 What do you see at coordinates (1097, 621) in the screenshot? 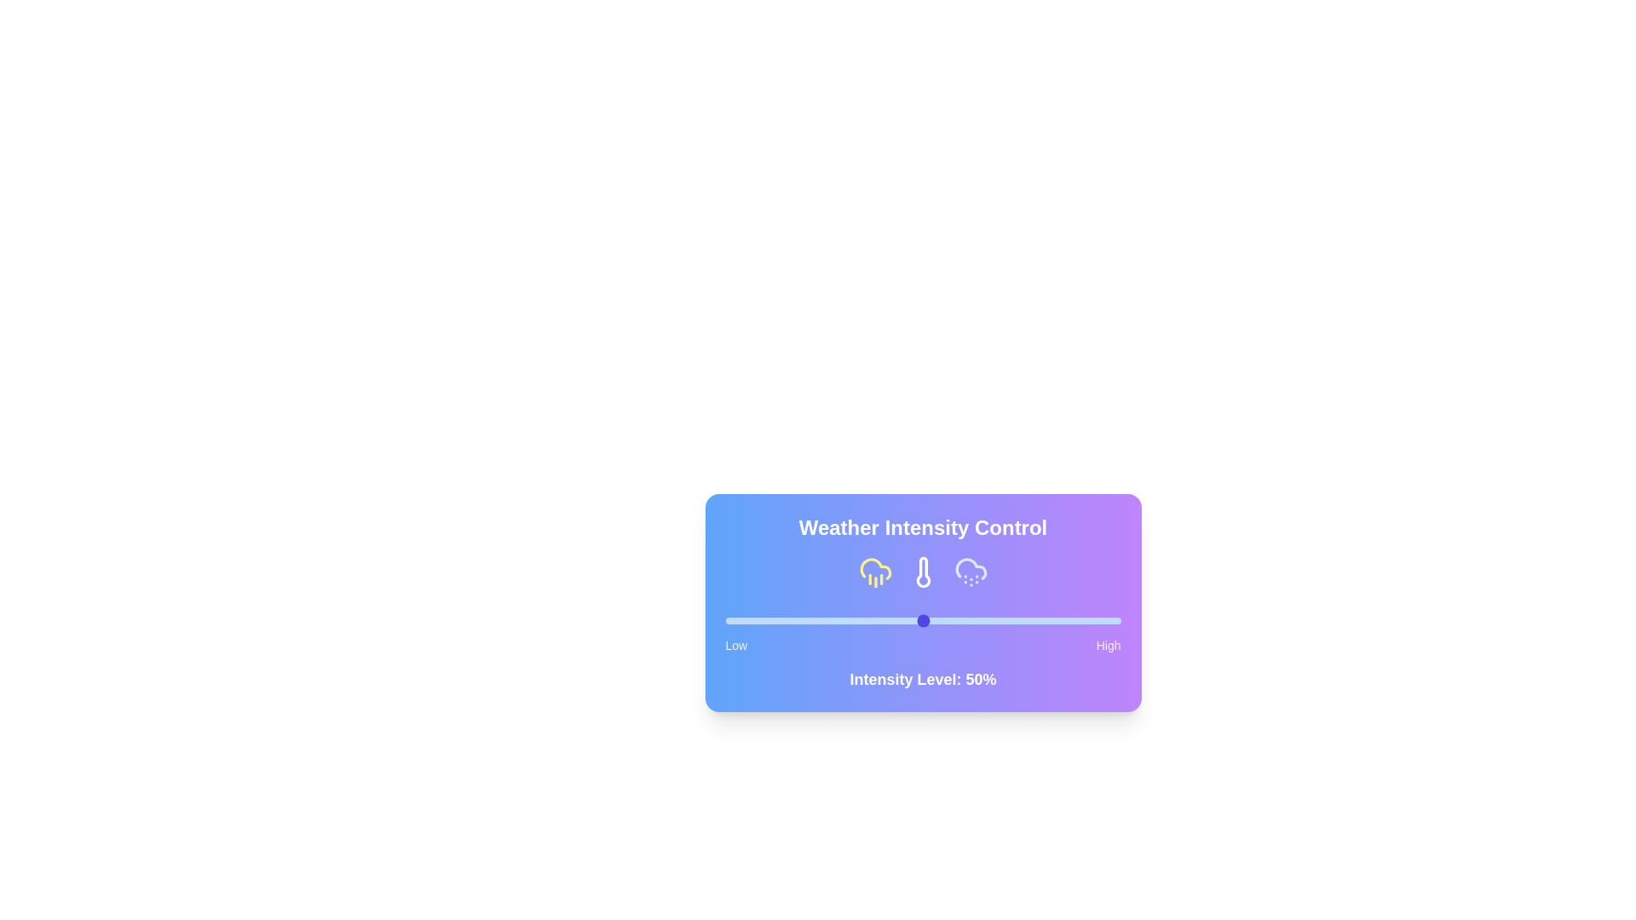
I see `the slider to set the intensity to 94%` at bounding box center [1097, 621].